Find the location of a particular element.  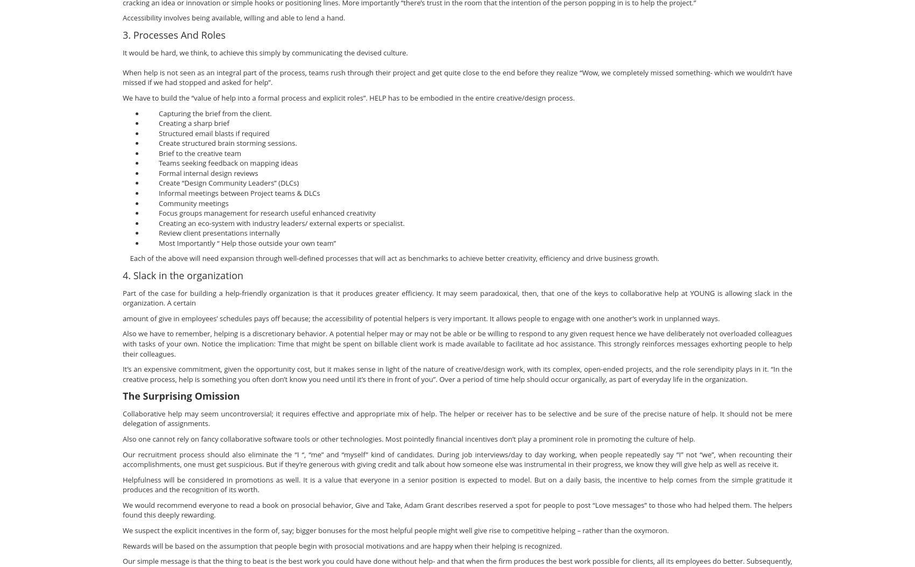

'Creating a sharp brief' is located at coordinates (186, 123).